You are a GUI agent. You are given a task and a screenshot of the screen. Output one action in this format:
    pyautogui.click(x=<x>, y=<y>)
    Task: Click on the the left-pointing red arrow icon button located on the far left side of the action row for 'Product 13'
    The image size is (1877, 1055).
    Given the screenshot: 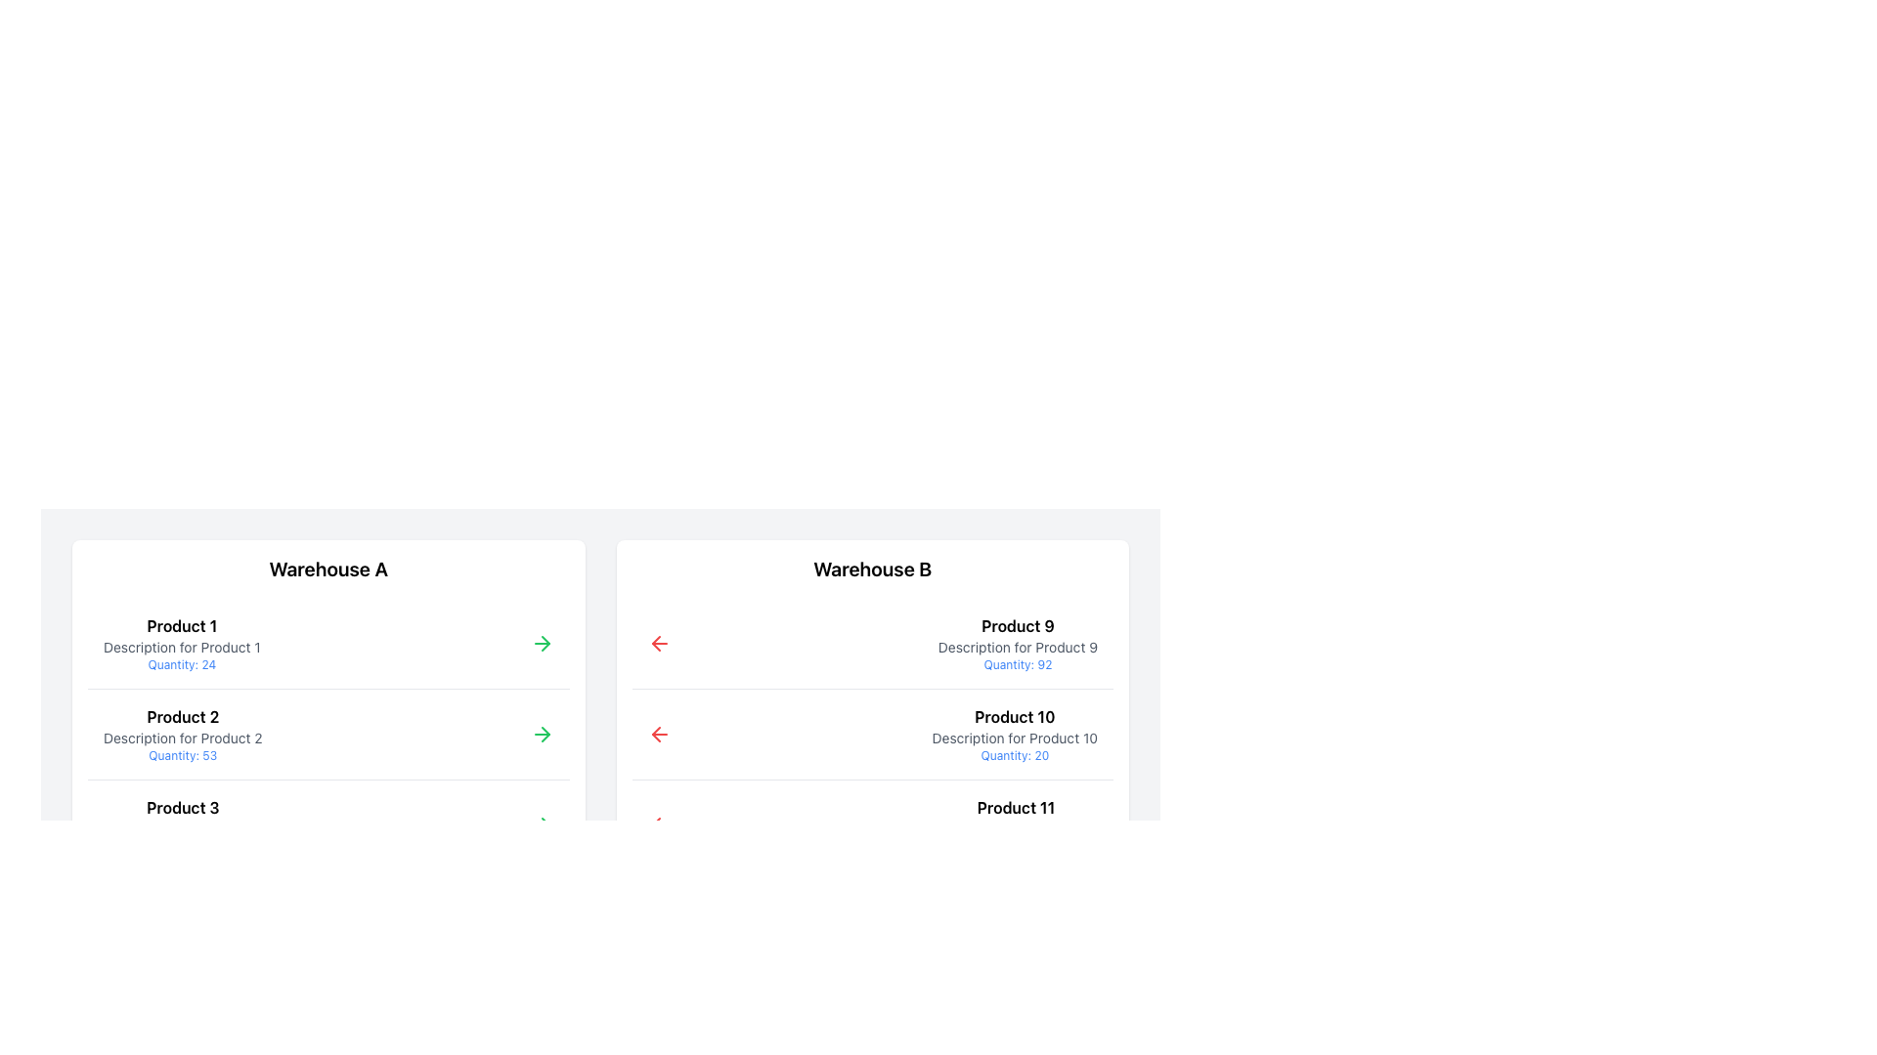 What is the action you would take?
    pyautogui.click(x=659, y=1006)
    